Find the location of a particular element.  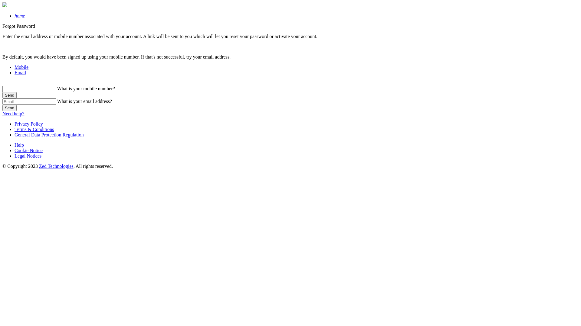

'Zed Technologies' is located at coordinates (56, 166).